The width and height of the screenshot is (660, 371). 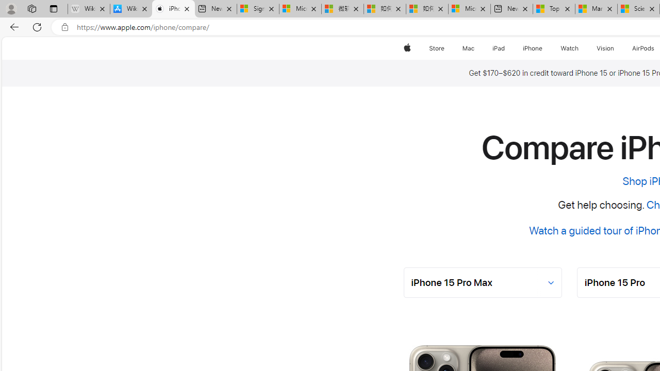 What do you see at coordinates (436, 48) in the screenshot?
I see `'Store'` at bounding box center [436, 48].